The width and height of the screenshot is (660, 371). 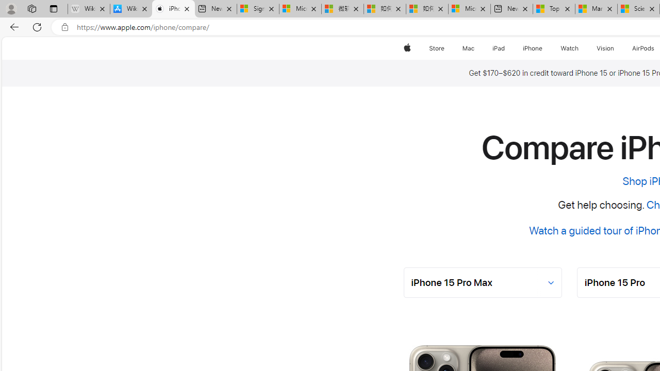 What do you see at coordinates (436, 48) in the screenshot?
I see `'Store'` at bounding box center [436, 48].